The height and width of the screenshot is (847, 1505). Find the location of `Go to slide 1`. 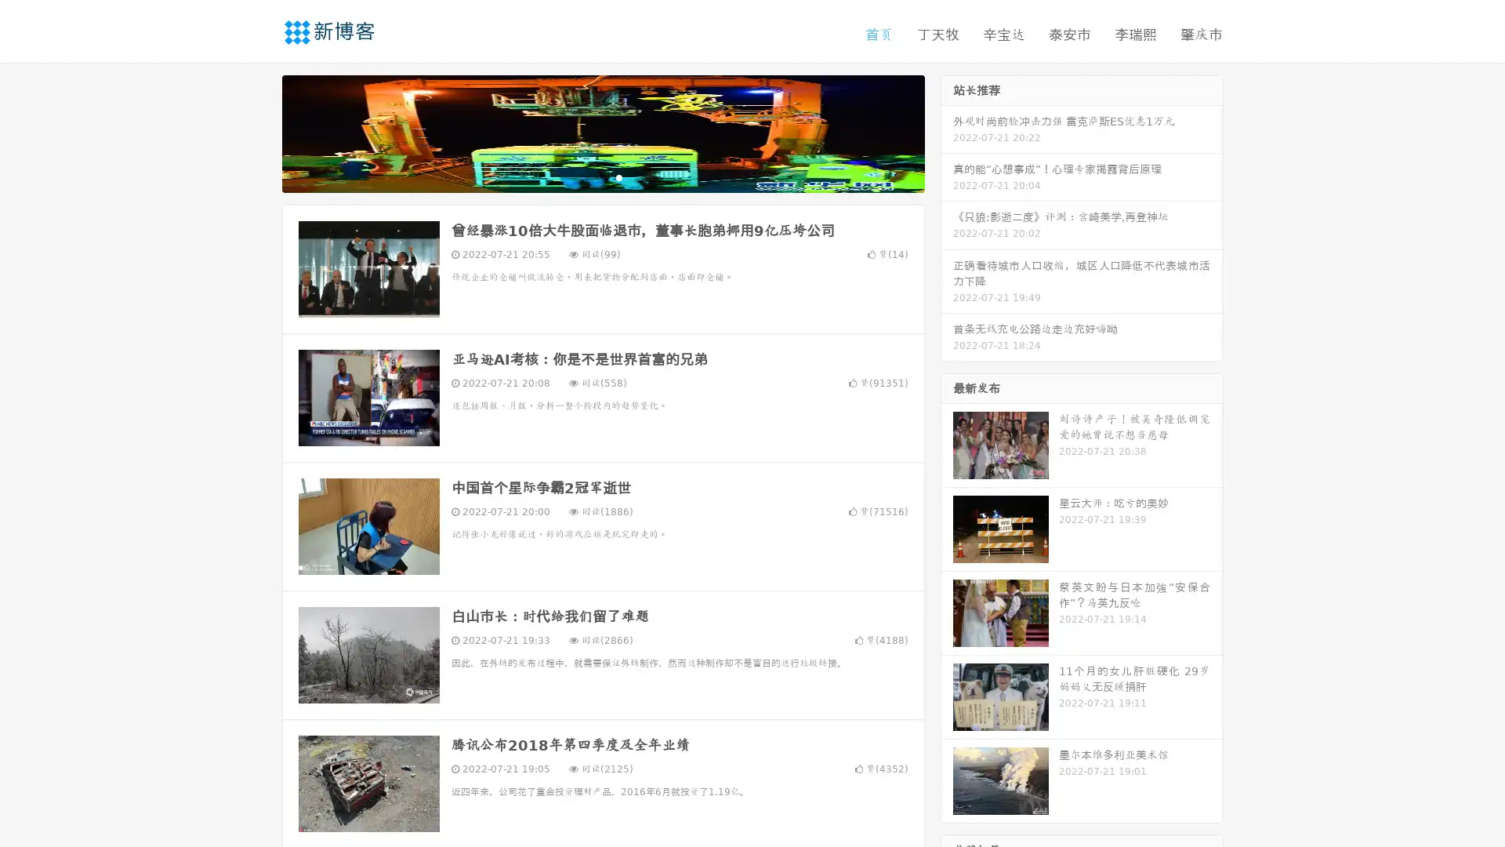

Go to slide 1 is located at coordinates (586, 176).